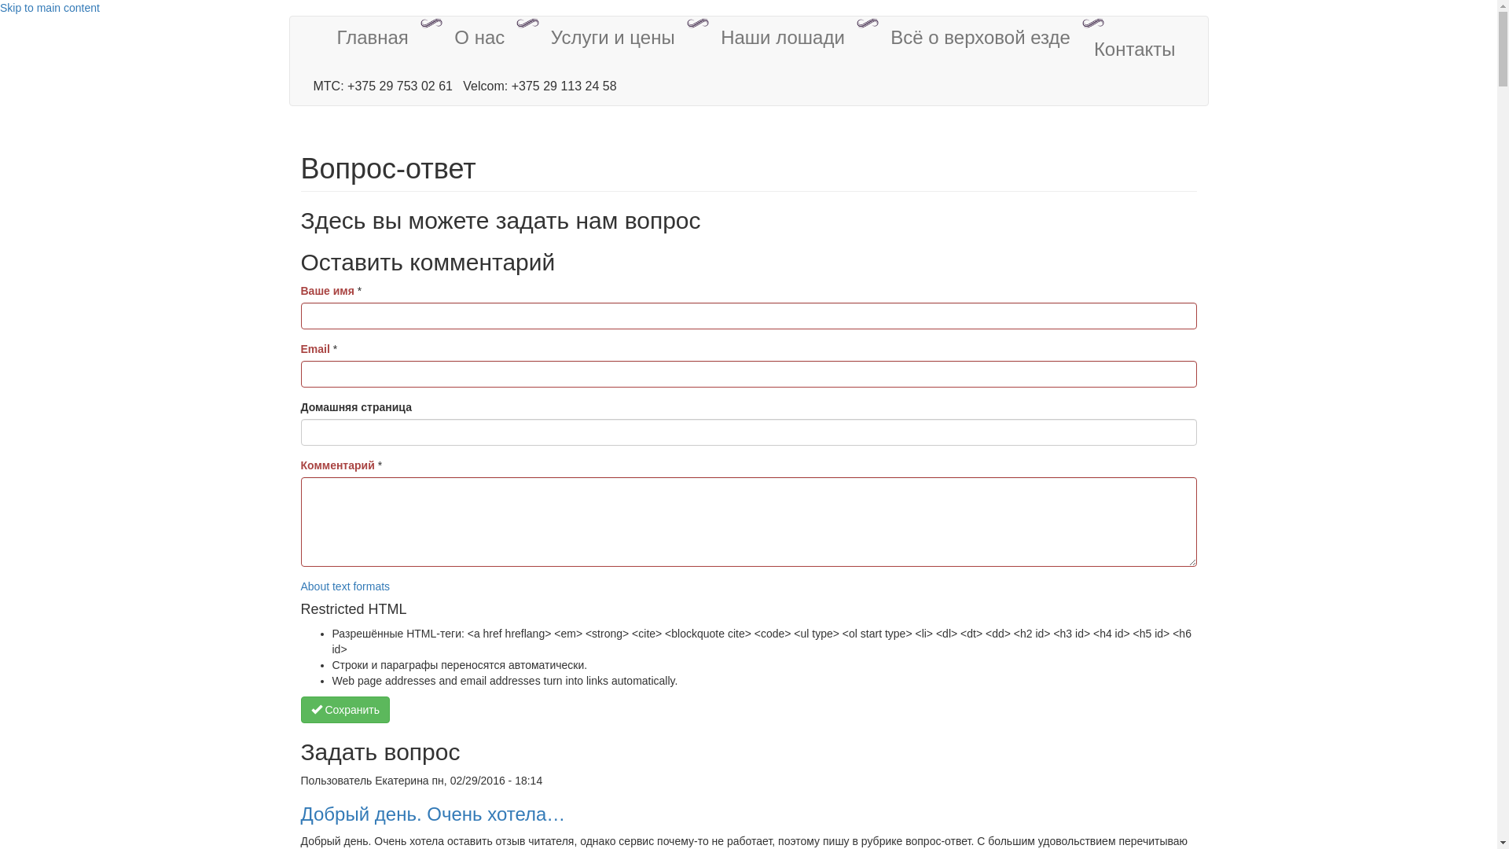 This screenshot has width=1509, height=849. I want to click on 'About text formats', so click(343, 586).